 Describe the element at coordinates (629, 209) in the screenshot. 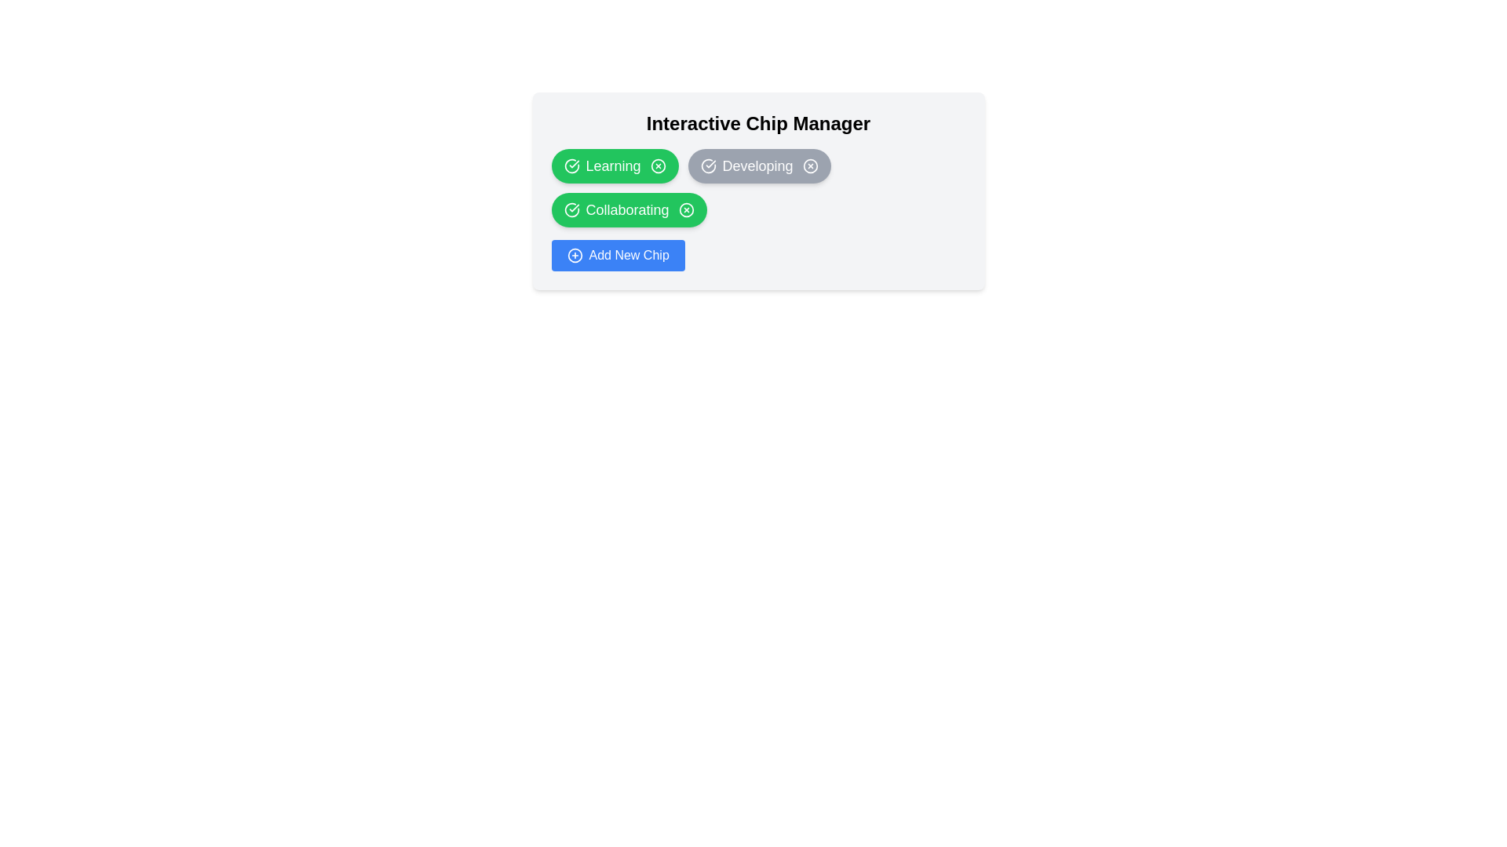

I see `the checkmark icon on the third chip in the horizontal group below the 'Interactive Chip Manager' header to confirm or activate the action` at that location.